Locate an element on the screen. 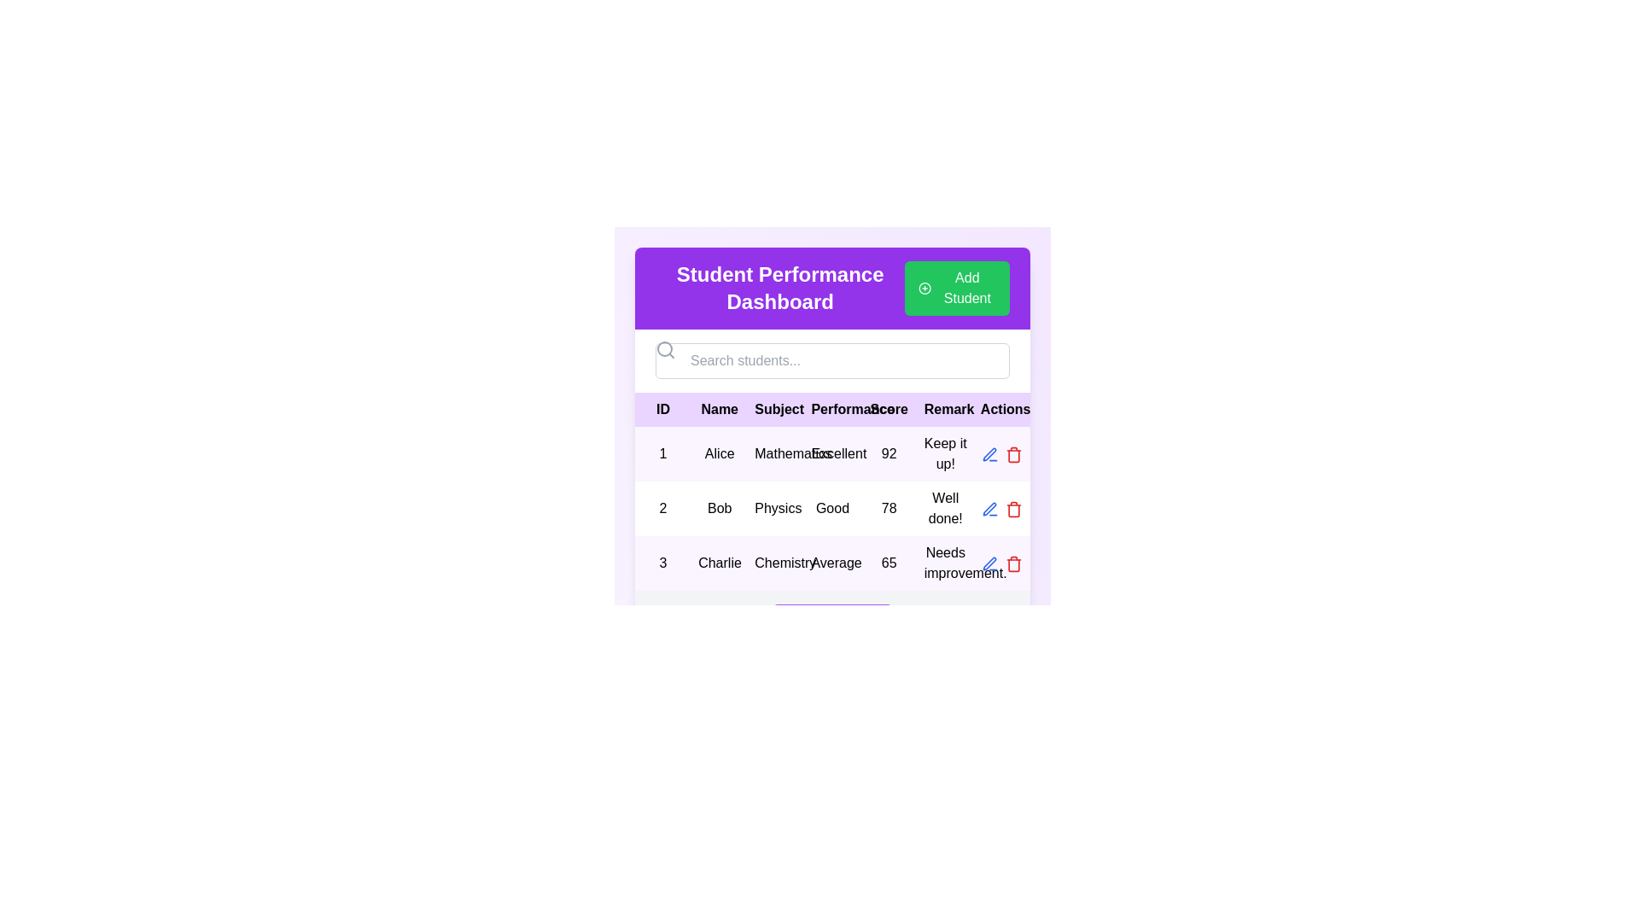 This screenshot has height=922, width=1639. the static text element representing the name 'Charlie' located in the third row of the table, immediately to the right of the 'ID' column is located at coordinates (720, 563).